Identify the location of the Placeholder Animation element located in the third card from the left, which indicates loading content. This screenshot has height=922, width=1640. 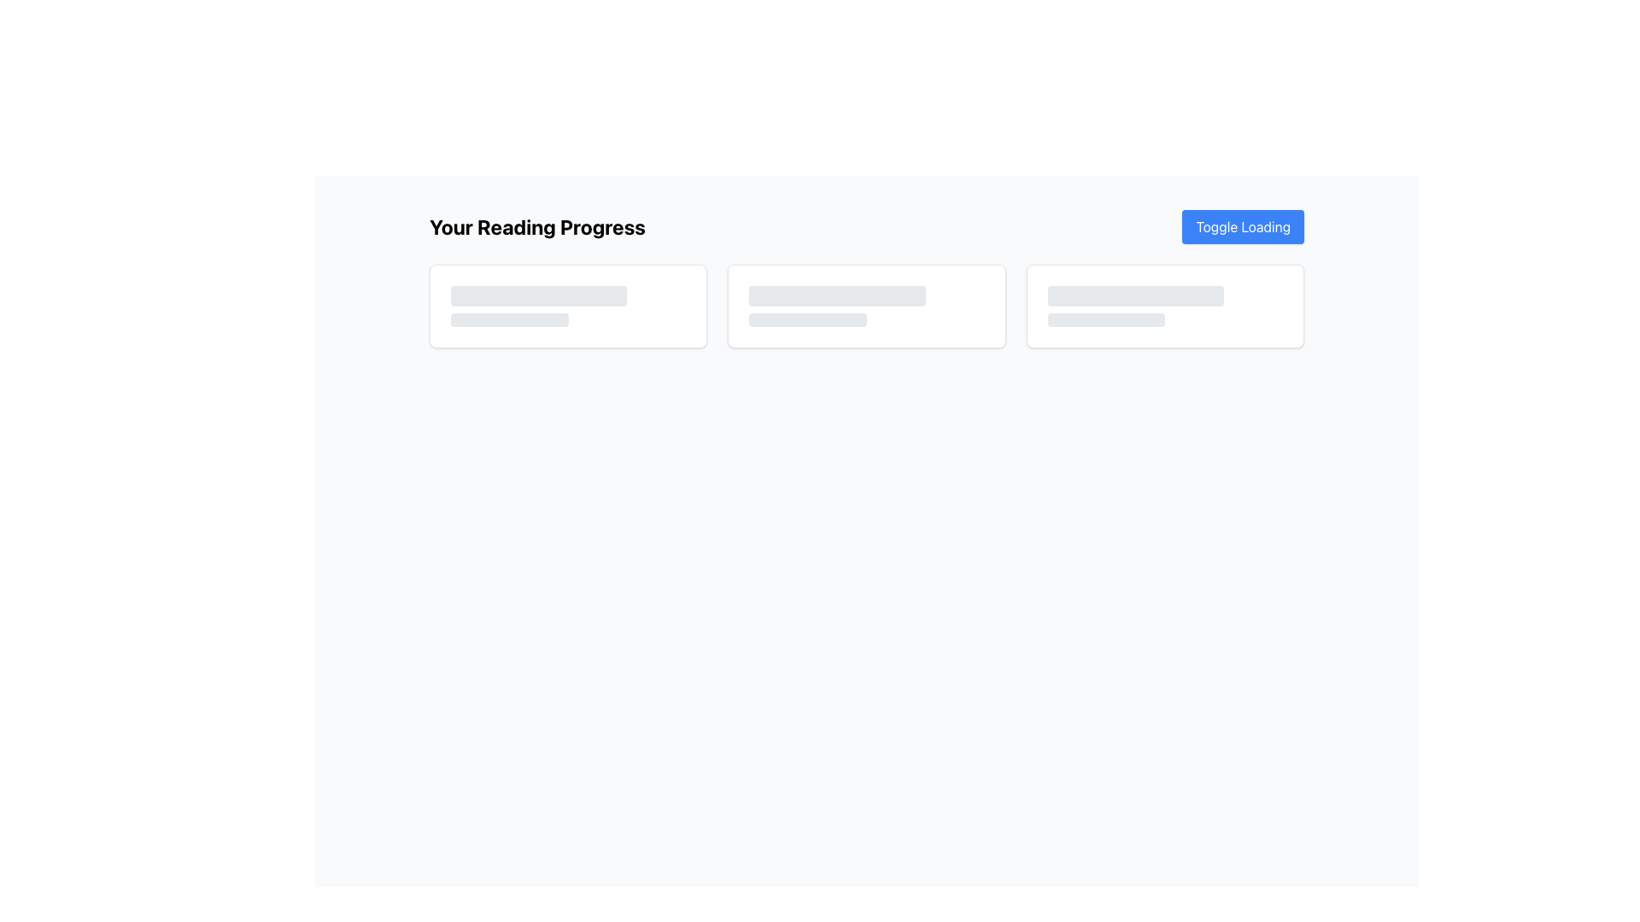
(1164, 305).